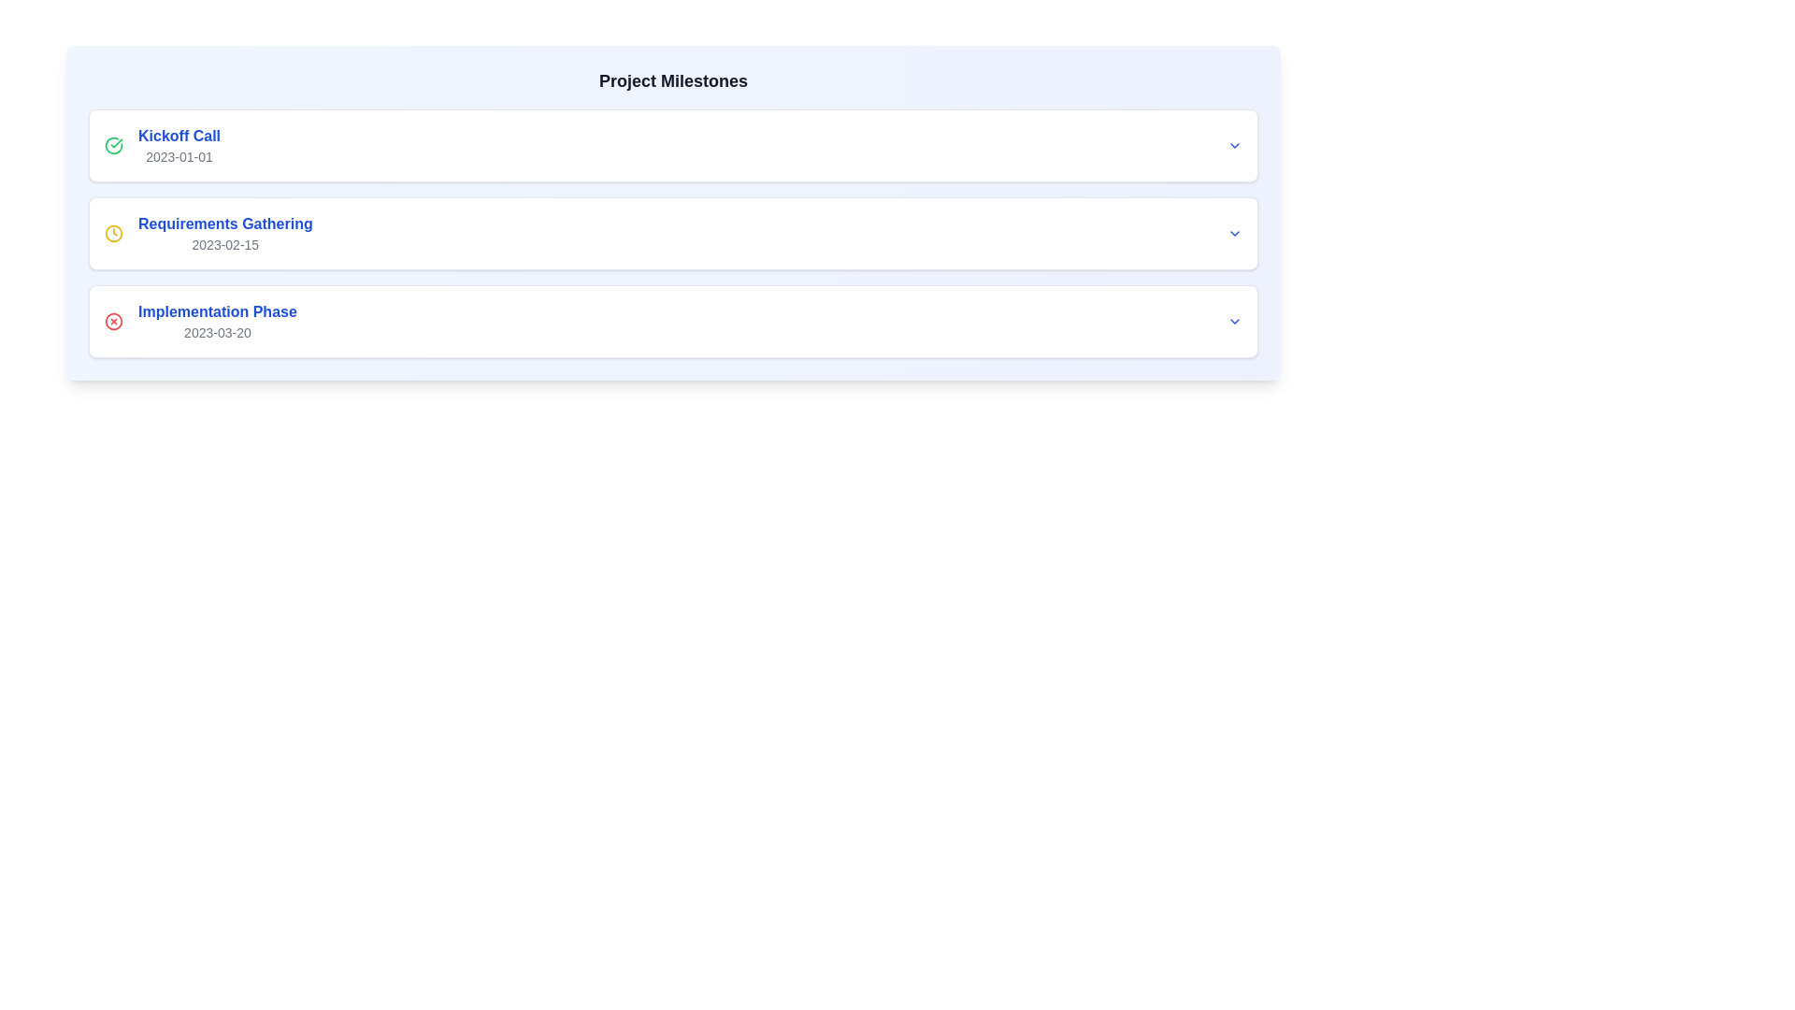 The image size is (1795, 1010). I want to click on the project milestone list item that is the second item under the heading 'Project Milestones', so click(208, 233).